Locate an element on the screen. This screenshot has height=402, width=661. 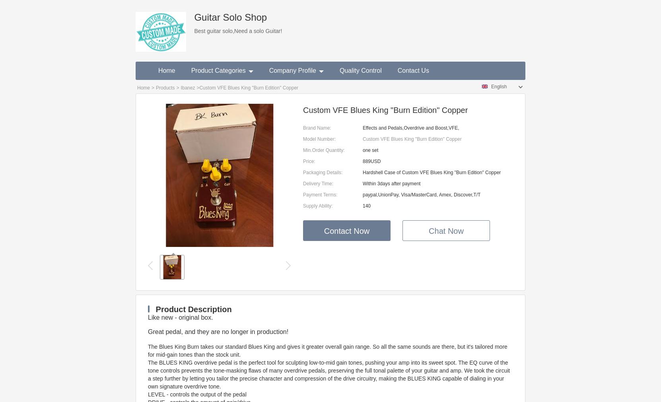
'Ibanez' is located at coordinates (188, 88).